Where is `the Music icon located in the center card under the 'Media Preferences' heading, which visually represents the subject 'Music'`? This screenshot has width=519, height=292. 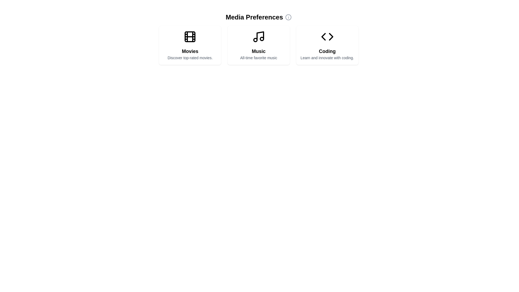 the Music icon located in the center card under the 'Media Preferences' heading, which visually represents the subject 'Music' is located at coordinates (258, 36).